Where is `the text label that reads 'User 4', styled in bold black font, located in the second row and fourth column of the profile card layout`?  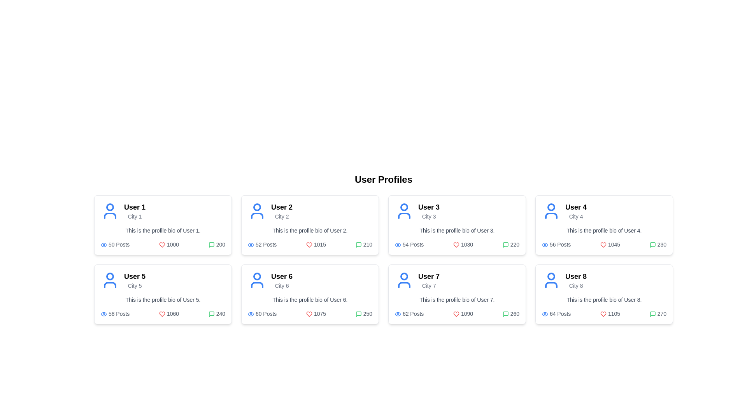
the text label that reads 'User 4', styled in bold black font, located in the second row and fourth column of the profile card layout is located at coordinates (576, 206).